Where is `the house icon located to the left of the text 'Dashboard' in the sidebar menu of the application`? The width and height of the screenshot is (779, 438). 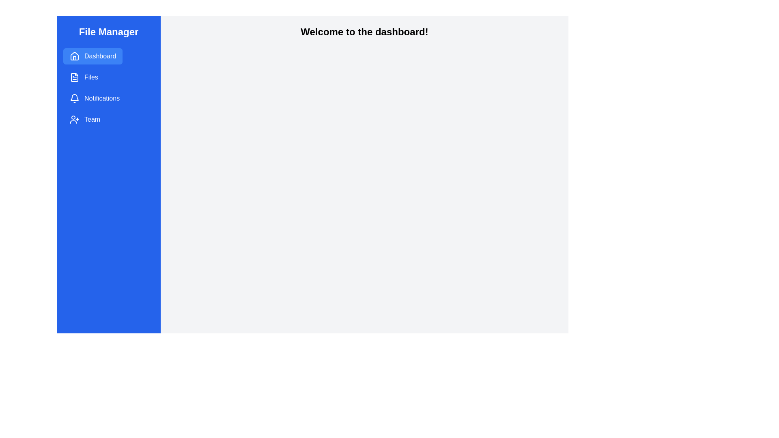 the house icon located to the left of the text 'Dashboard' in the sidebar menu of the application is located at coordinates (74, 56).